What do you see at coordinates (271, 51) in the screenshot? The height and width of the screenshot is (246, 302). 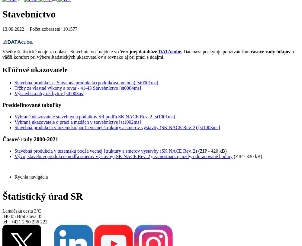 I see `'časové rady údajov'` at bounding box center [271, 51].